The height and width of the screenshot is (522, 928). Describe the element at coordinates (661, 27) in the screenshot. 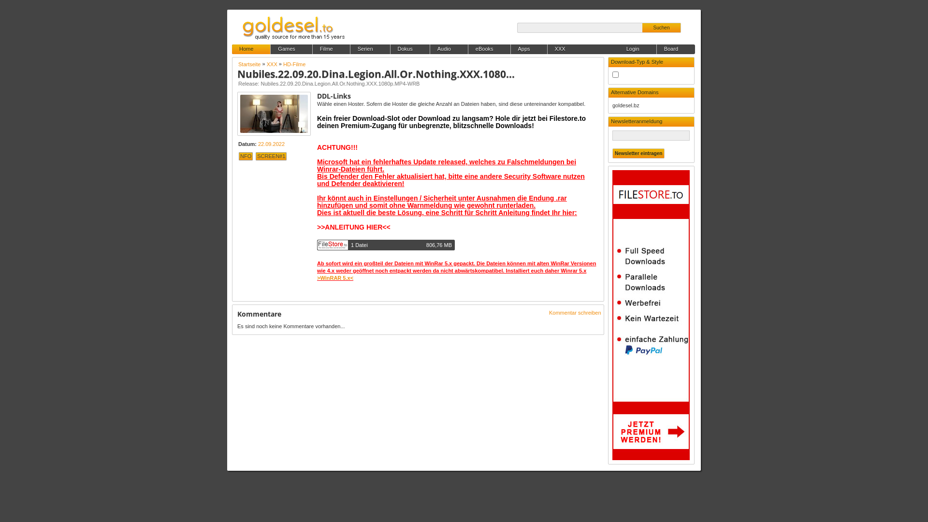

I see `'Suchen'` at that location.